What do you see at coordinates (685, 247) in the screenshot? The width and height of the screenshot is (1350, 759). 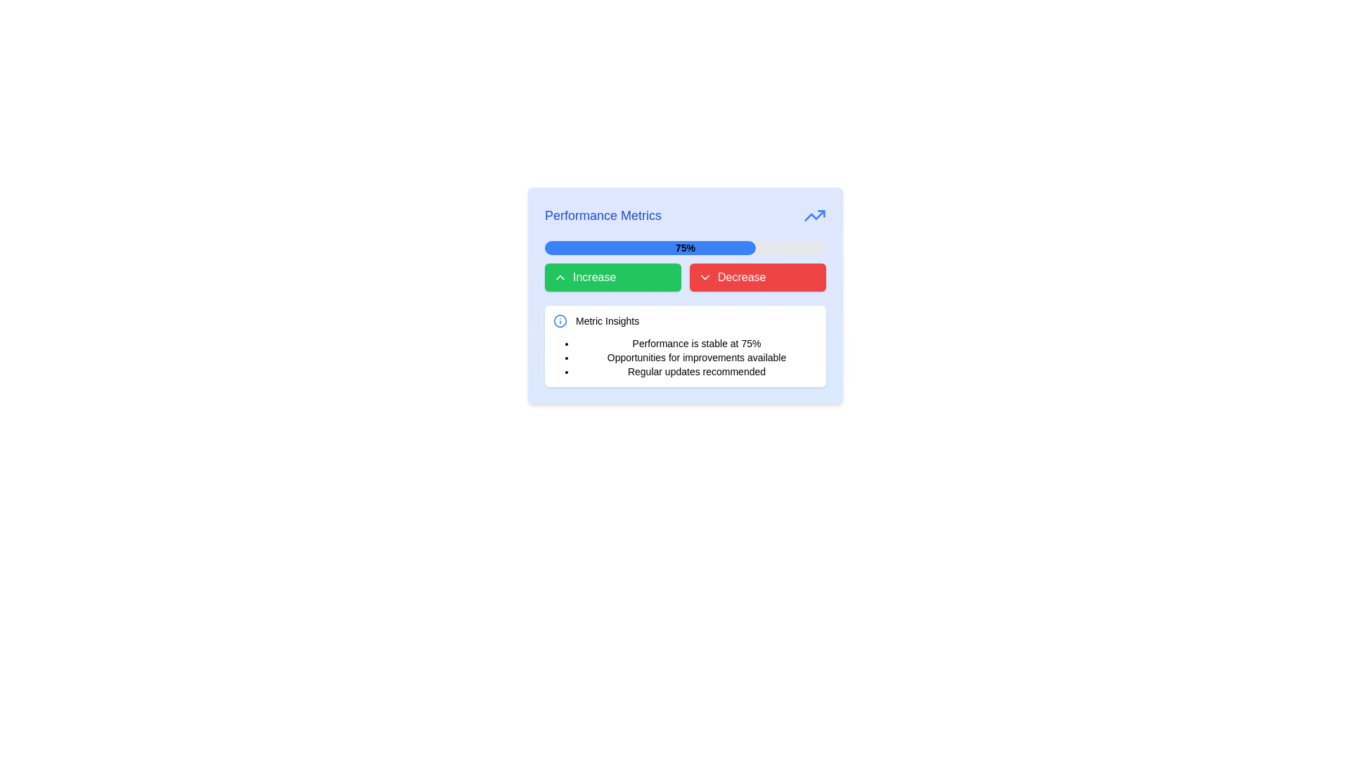 I see `percentage text '75%' displayed in the center of the horizontal progress bar with a gray background and blue segment, located beneath the 'Performance Metrics' title` at bounding box center [685, 247].